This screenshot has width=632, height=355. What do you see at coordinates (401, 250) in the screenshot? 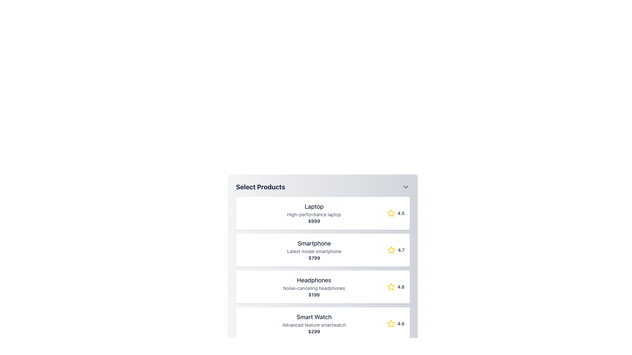
I see `product rating text indicating a score of 4.7, which is located to the right of a yellow star icon in the Smartphone product row` at bounding box center [401, 250].